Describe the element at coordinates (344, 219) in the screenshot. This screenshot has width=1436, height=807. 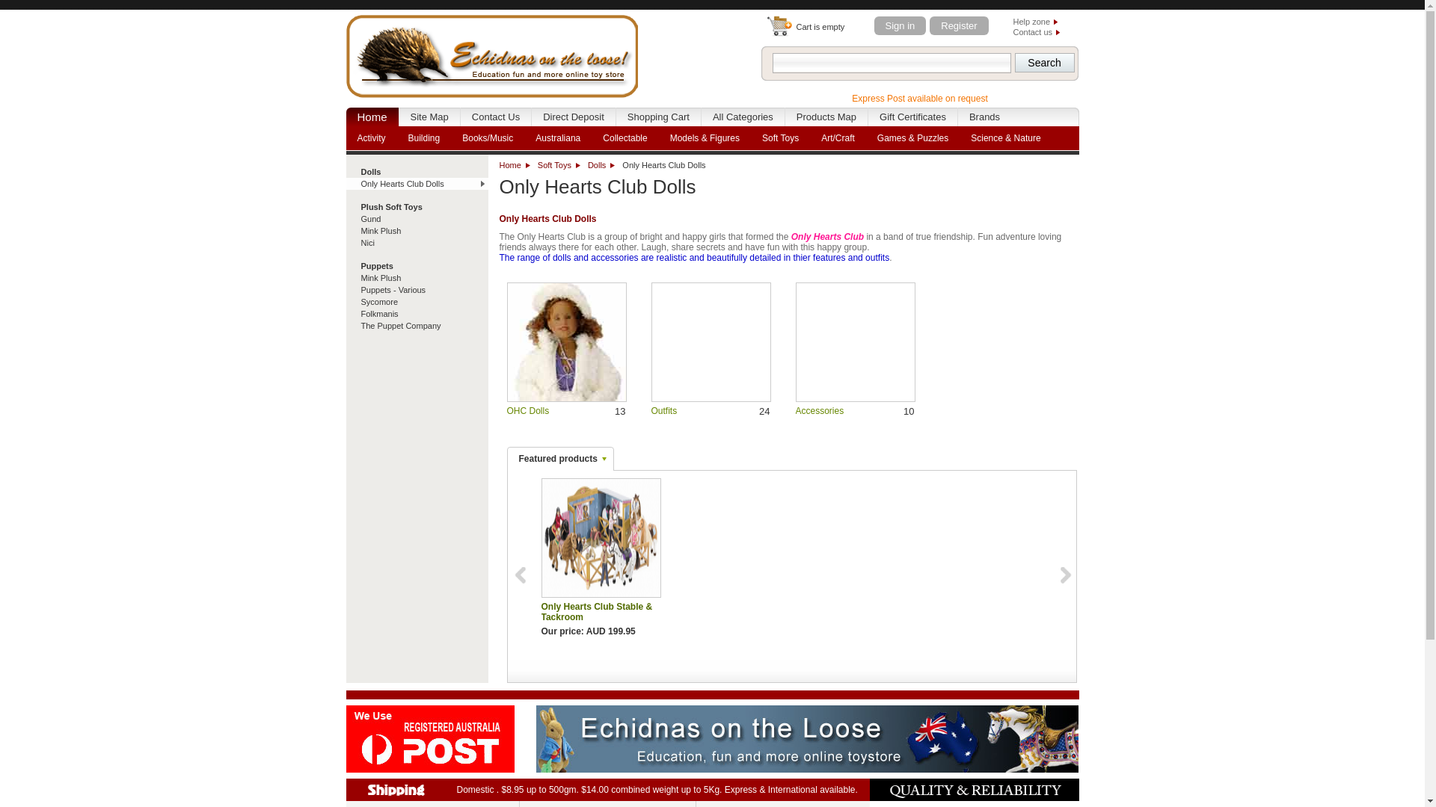
I see `'Gund'` at that location.